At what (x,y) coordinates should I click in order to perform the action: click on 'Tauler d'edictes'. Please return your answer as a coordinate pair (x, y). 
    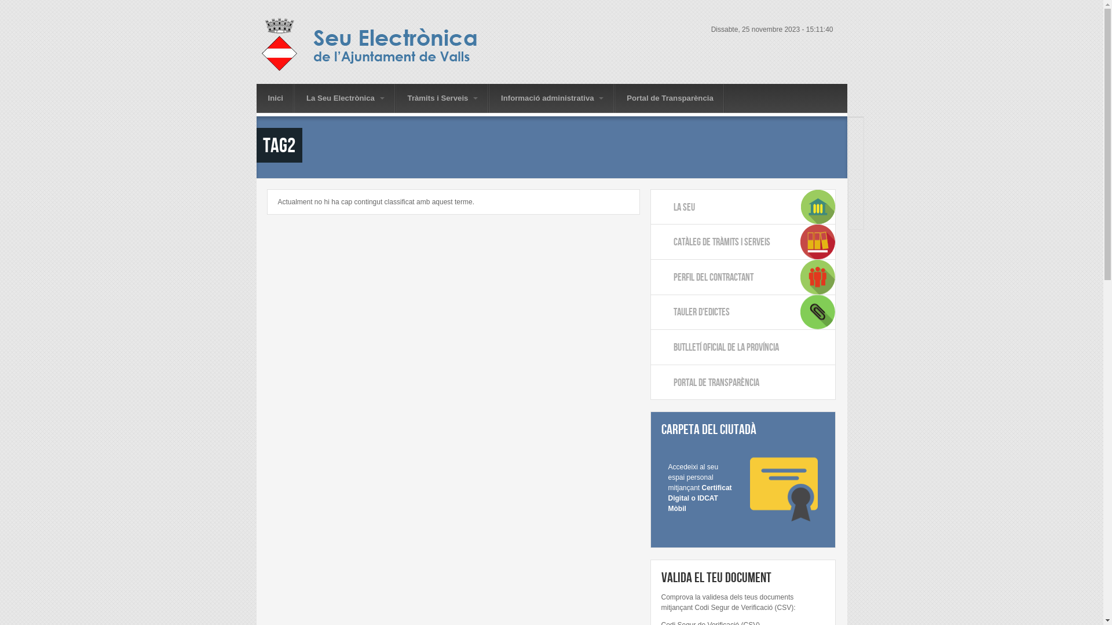
    Looking at the image, I should click on (742, 312).